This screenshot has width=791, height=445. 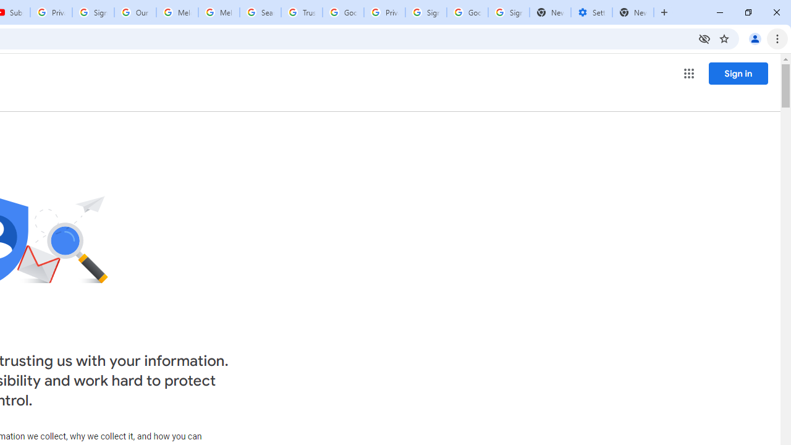 What do you see at coordinates (260, 12) in the screenshot?
I see `'Search our Doodle Library Collection - Google Doodles'` at bounding box center [260, 12].